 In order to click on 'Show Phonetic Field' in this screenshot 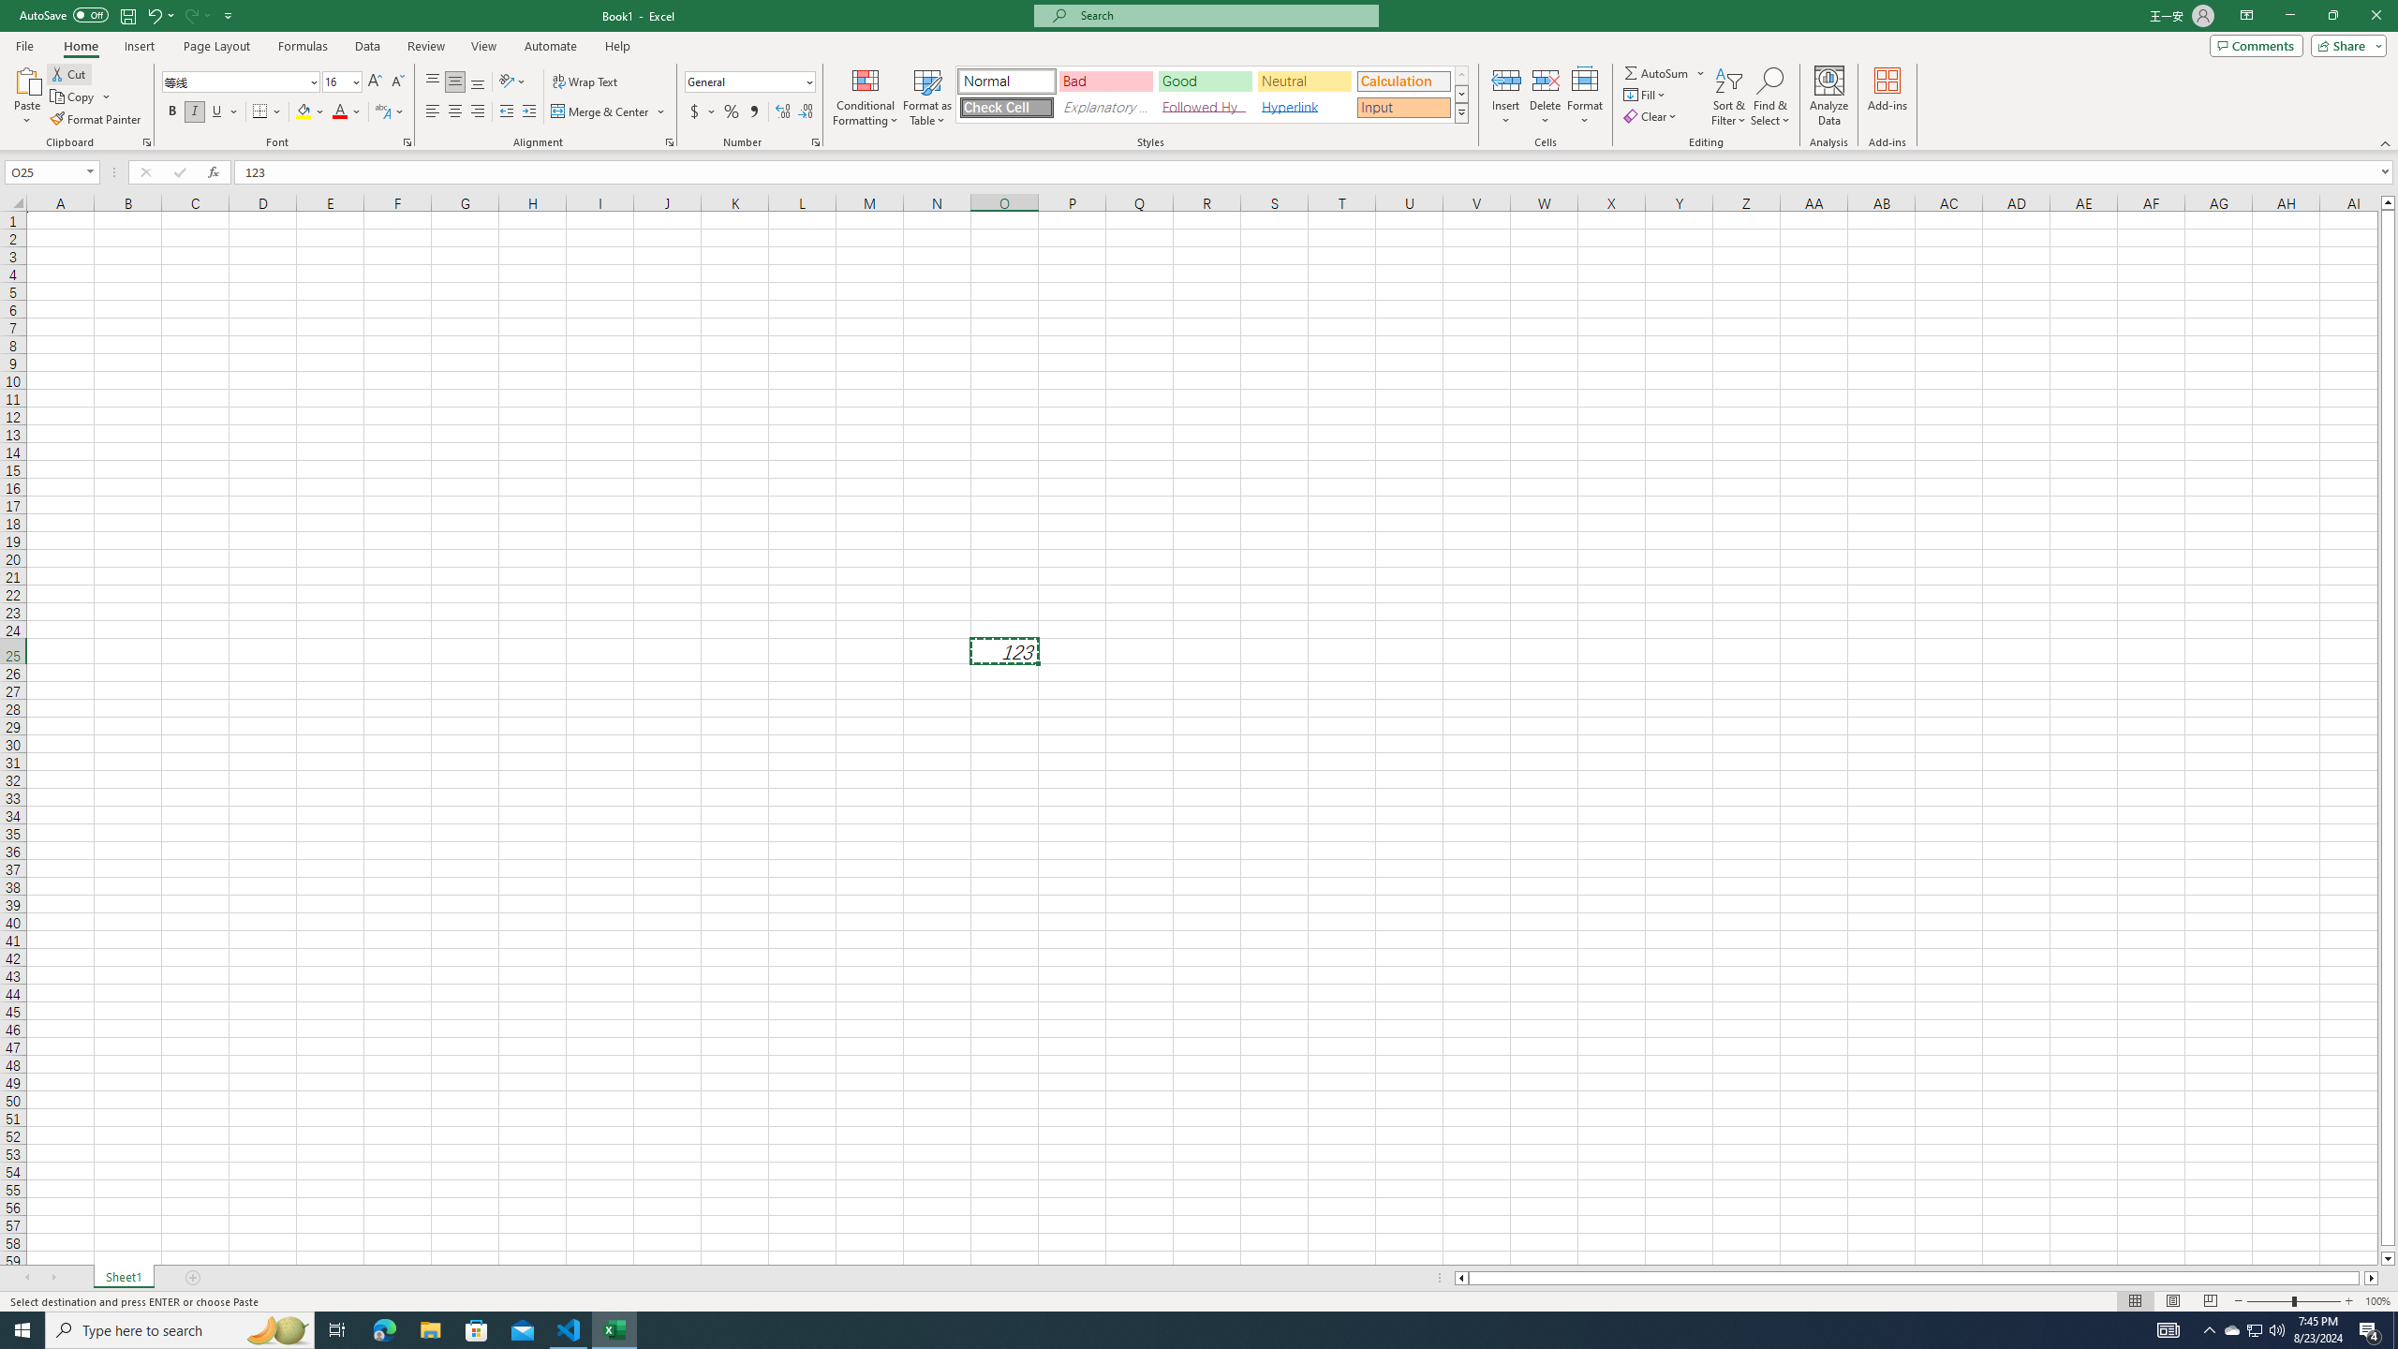, I will do `click(381, 111)`.